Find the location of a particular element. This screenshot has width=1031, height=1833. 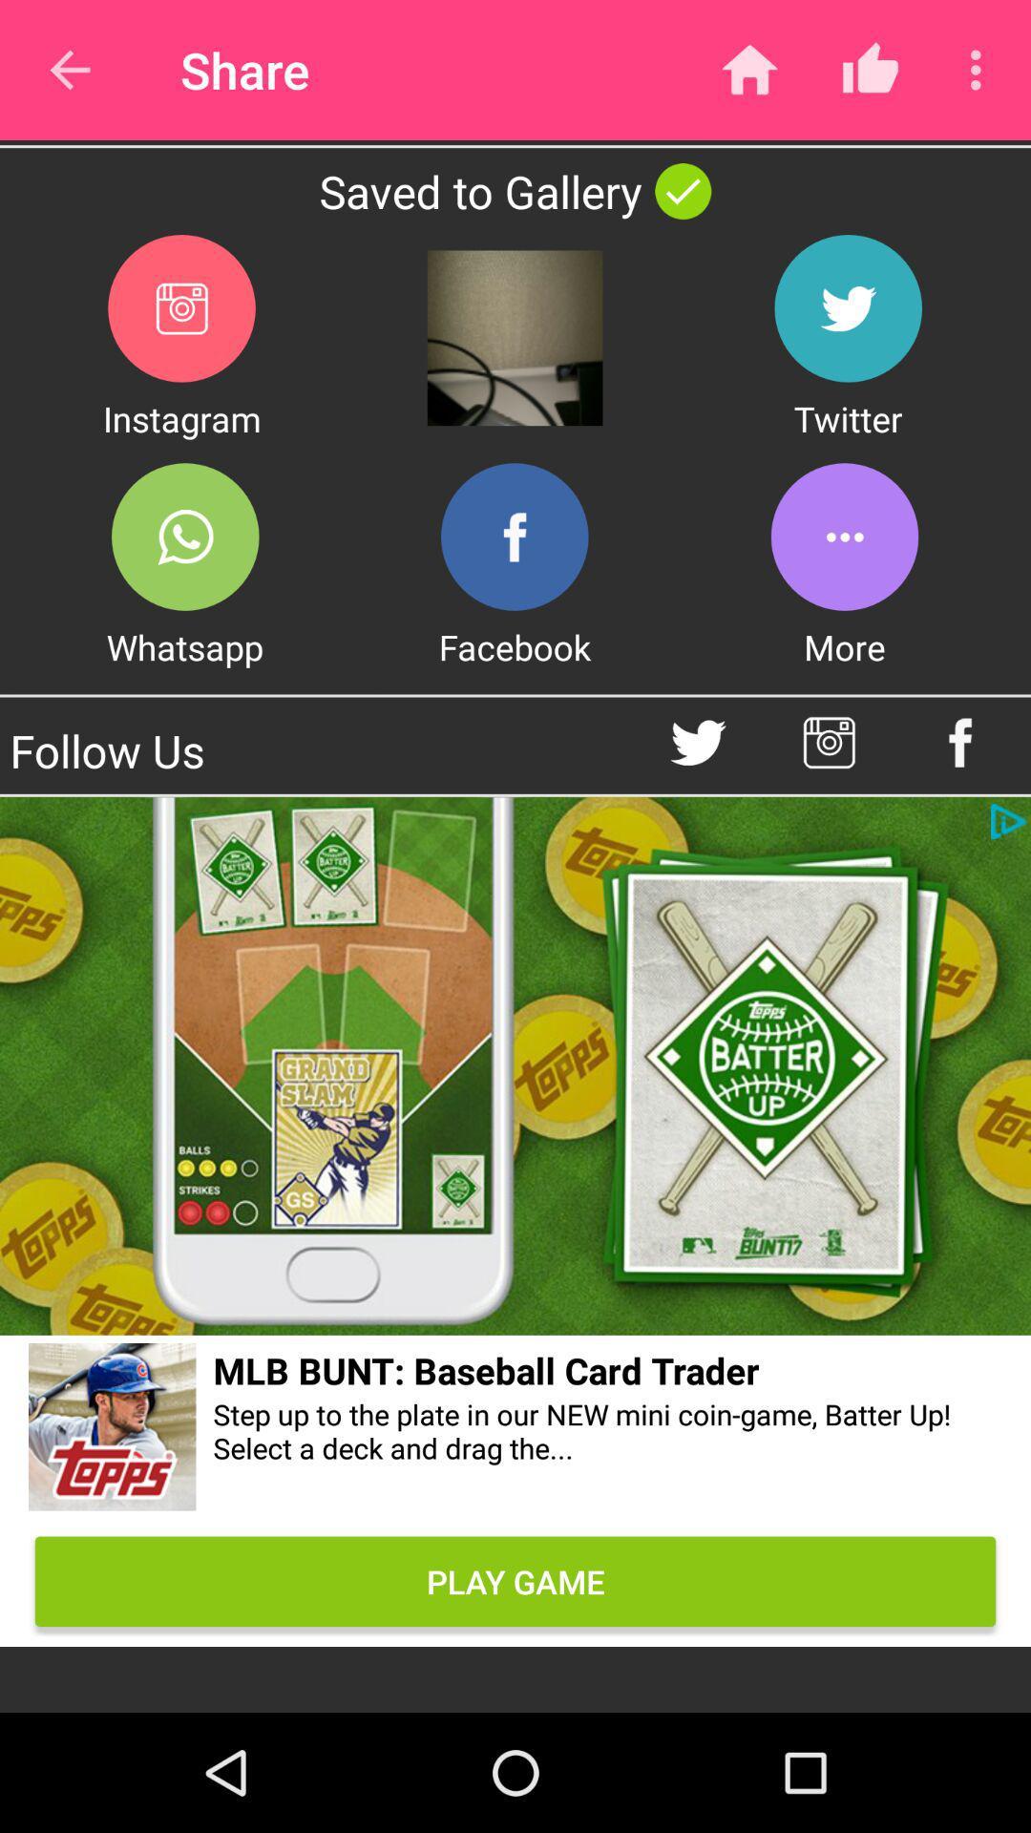

the add is located at coordinates (515, 1065).